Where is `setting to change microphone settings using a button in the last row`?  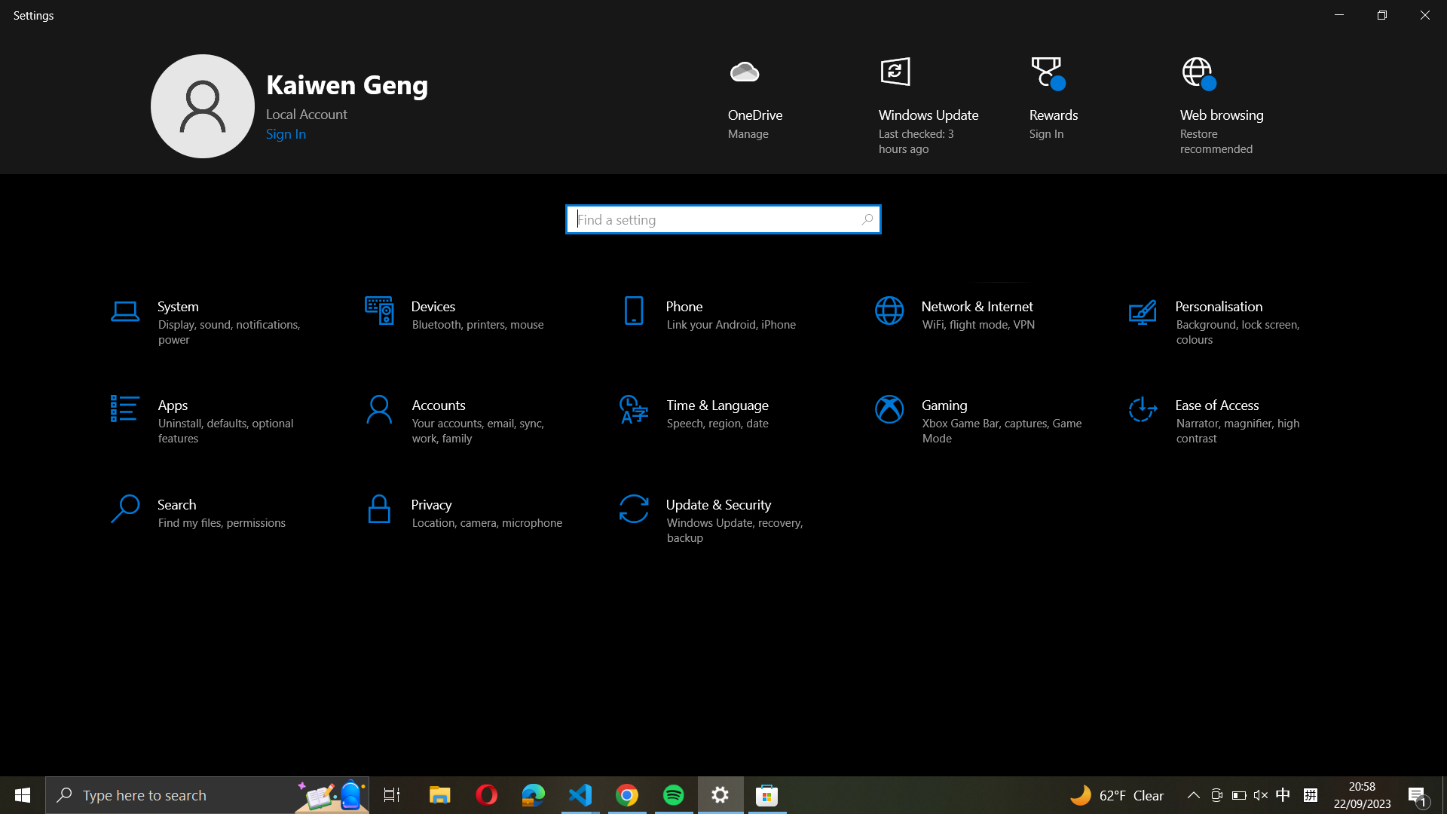 setting to change microphone settings using a button in the last row is located at coordinates (469, 511).